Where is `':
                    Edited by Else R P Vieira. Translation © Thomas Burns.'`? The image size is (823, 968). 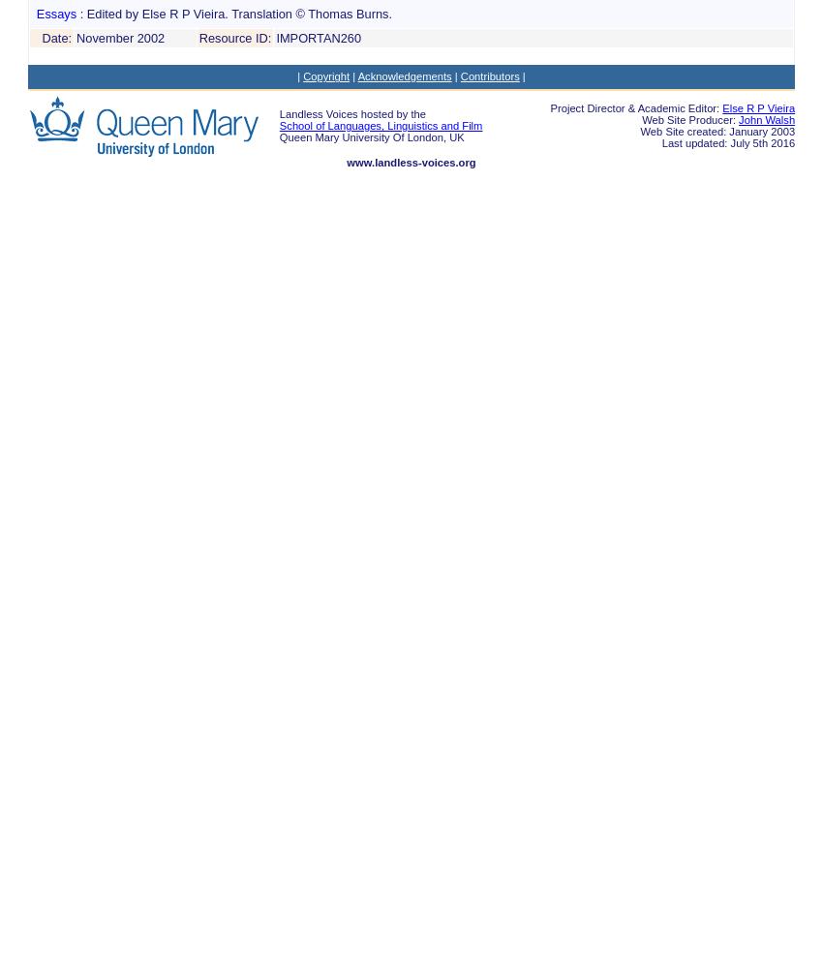
':
                    Edited by Else R P Vieira. Translation © Thomas Burns.' is located at coordinates (235, 13).